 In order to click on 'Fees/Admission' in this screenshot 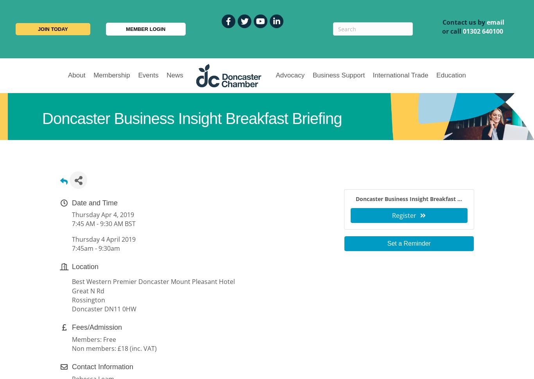, I will do `click(97, 327)`.